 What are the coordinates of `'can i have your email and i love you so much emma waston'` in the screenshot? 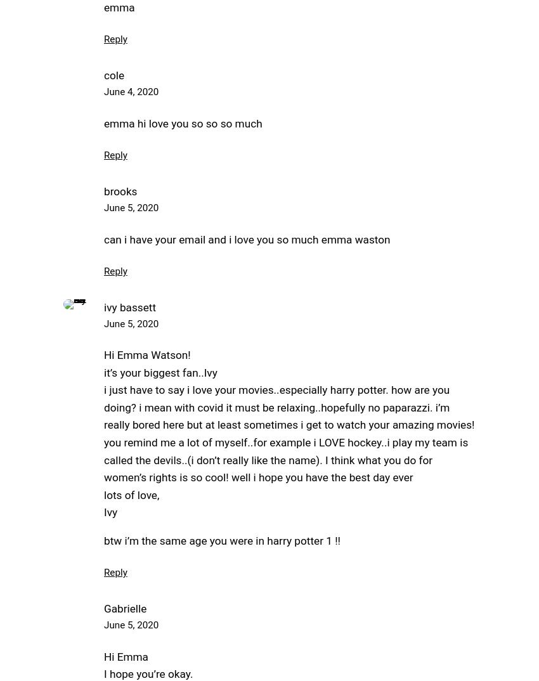 It's located at (247, 238).